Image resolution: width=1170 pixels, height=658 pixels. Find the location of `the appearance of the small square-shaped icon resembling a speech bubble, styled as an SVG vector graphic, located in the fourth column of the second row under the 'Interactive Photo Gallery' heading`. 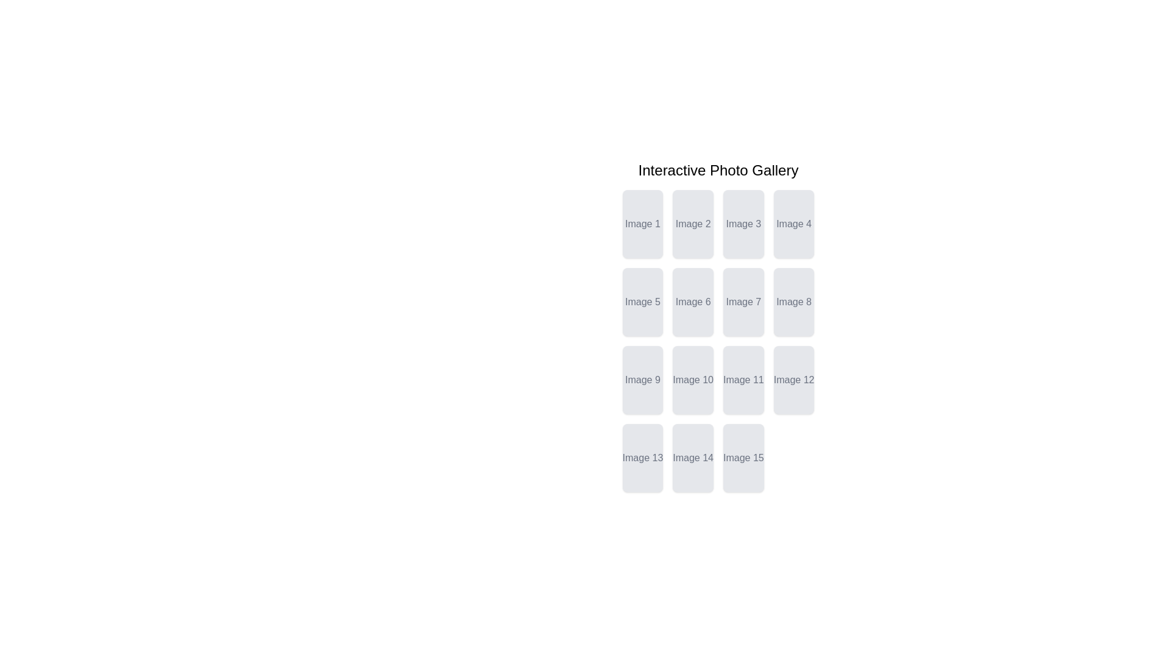

the appearance of the small square-shaped icon resembling a speech bubble, styled as an SVG vector graphic, located in the fourth column of the second row under the 'Interactive Photo Gallery' heading is located at coordinates (776, 324).